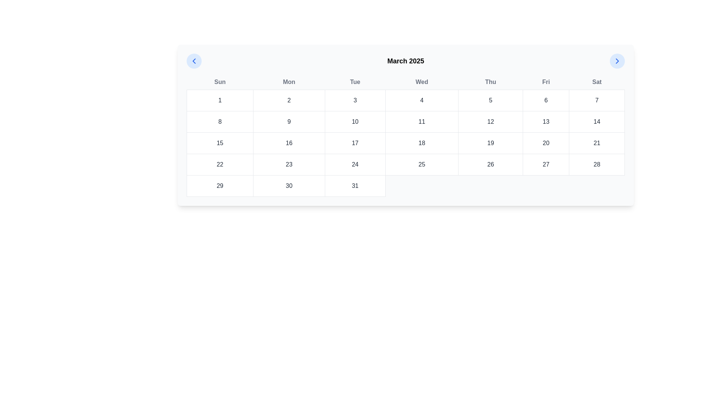 The image size is (721, 405). I want to click on the fifth row of the calendar table for March 2025, so click(405, 164).